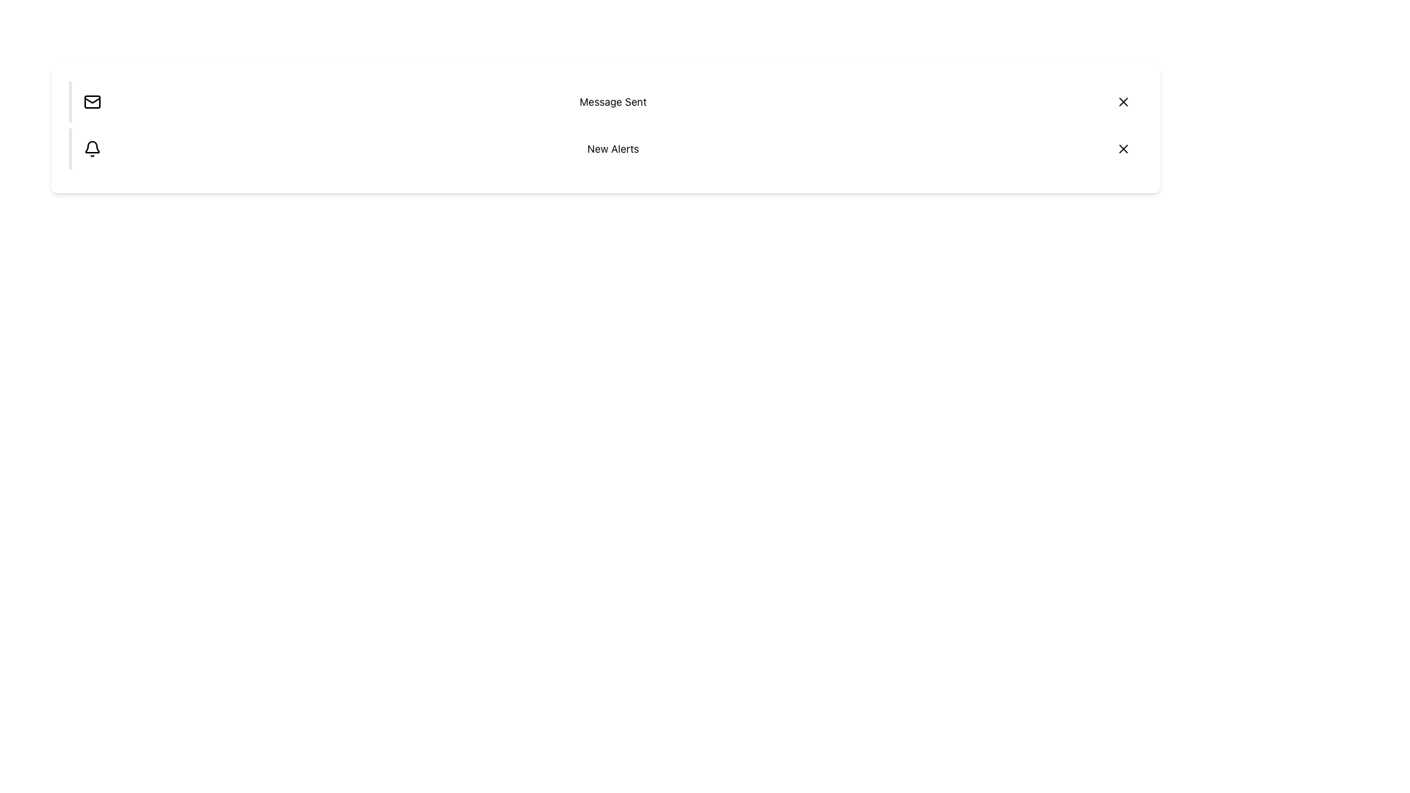  I want to click on the 'X' button on the right side of the notification banner, so click(1123, 149).